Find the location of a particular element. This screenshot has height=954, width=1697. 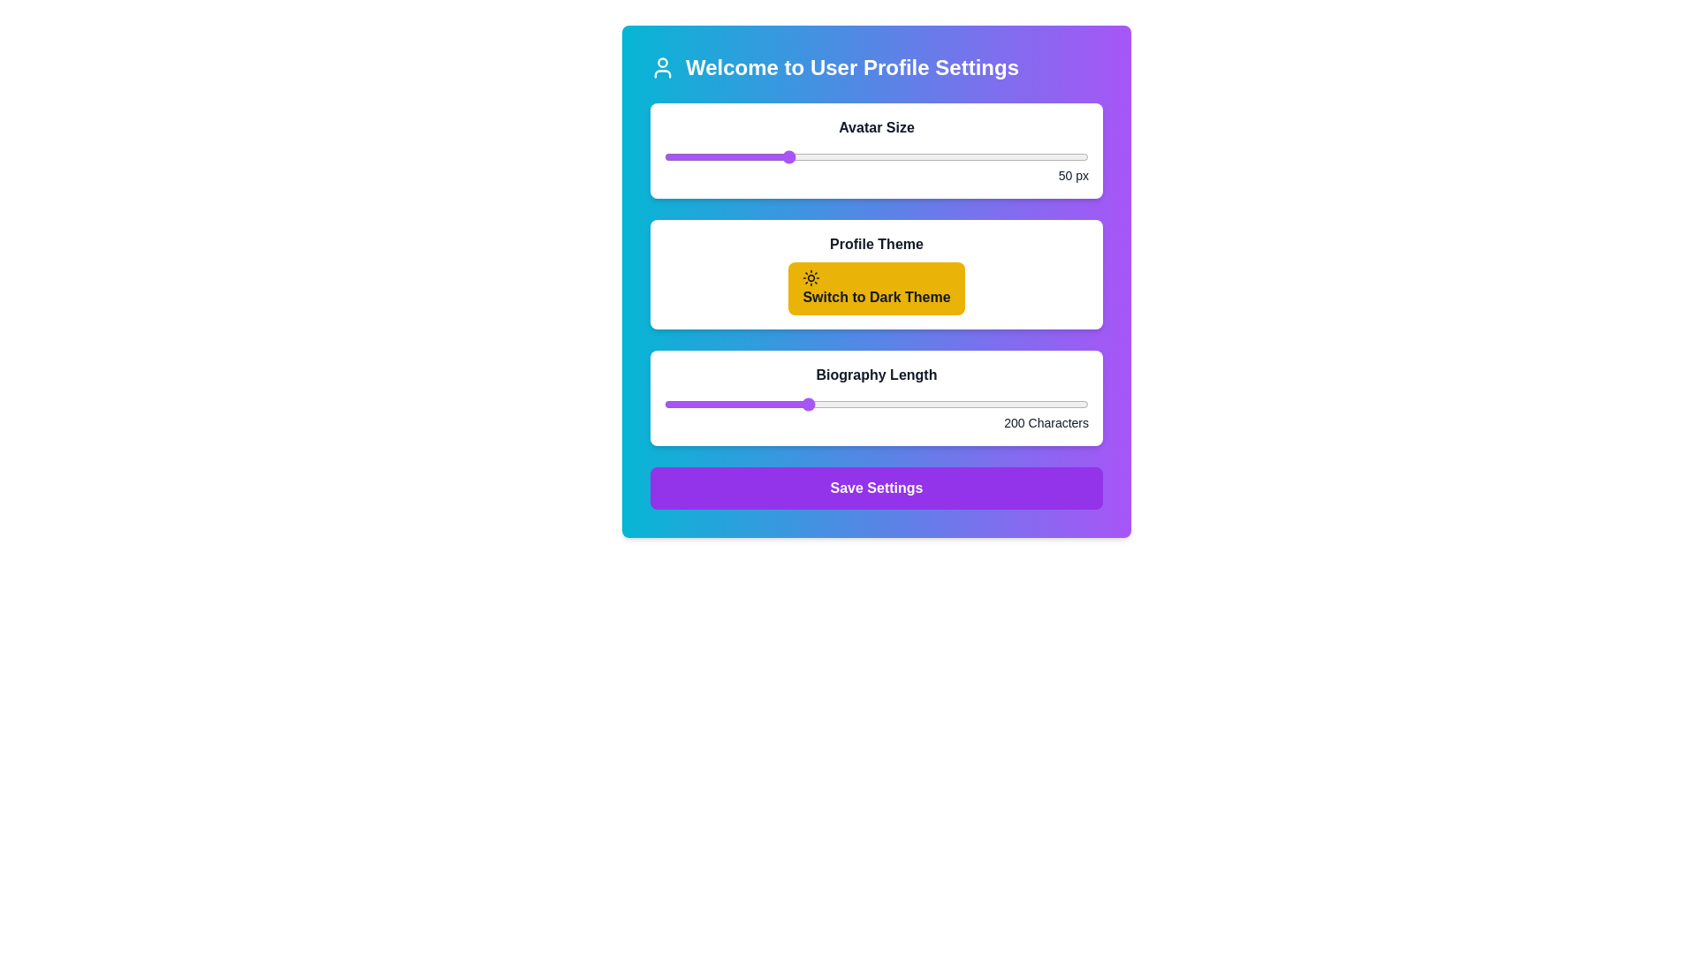

the slider is located at coordinates (1034, 155).